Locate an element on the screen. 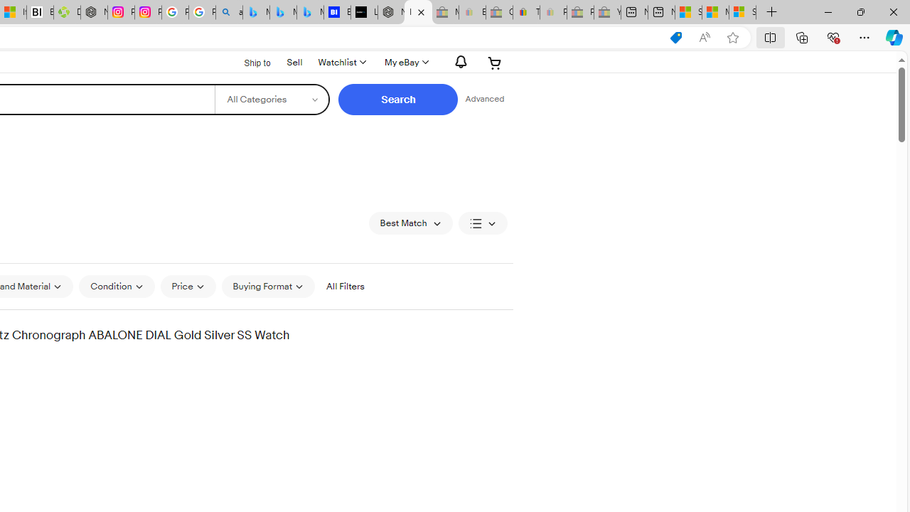 The image size is (910, 512). 'Press Room - eBay Inc. - Sleeping' is located at coordinates (580, 12).